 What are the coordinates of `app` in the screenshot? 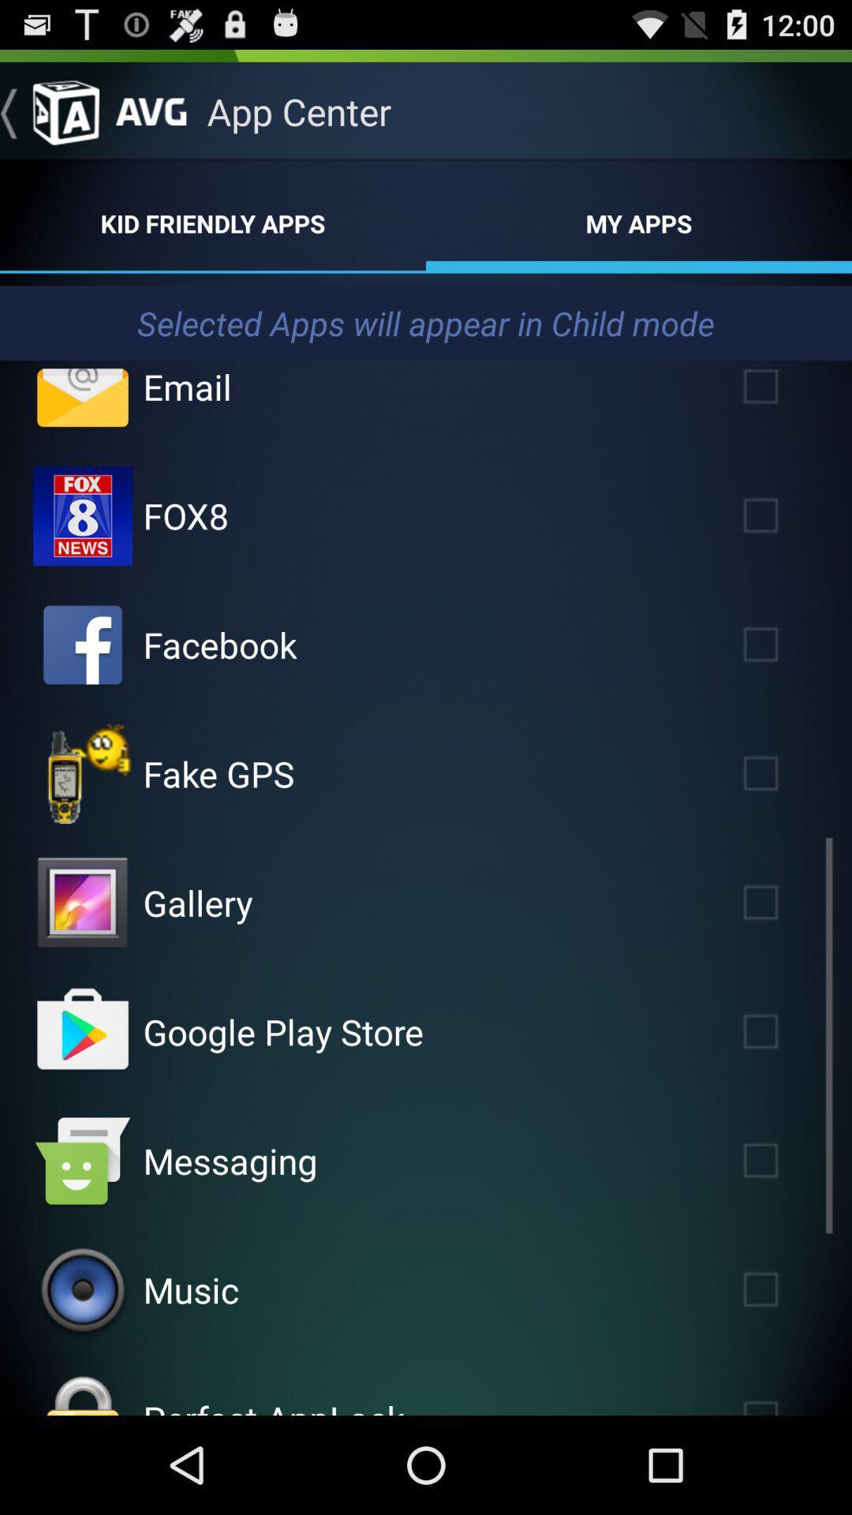 It's located at (783, 645).